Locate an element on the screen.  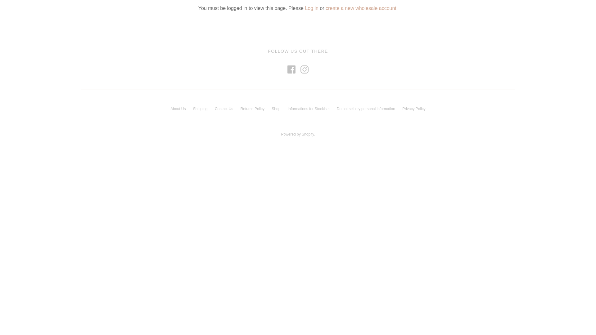
'About Us' is located at coordinates (178, 109).